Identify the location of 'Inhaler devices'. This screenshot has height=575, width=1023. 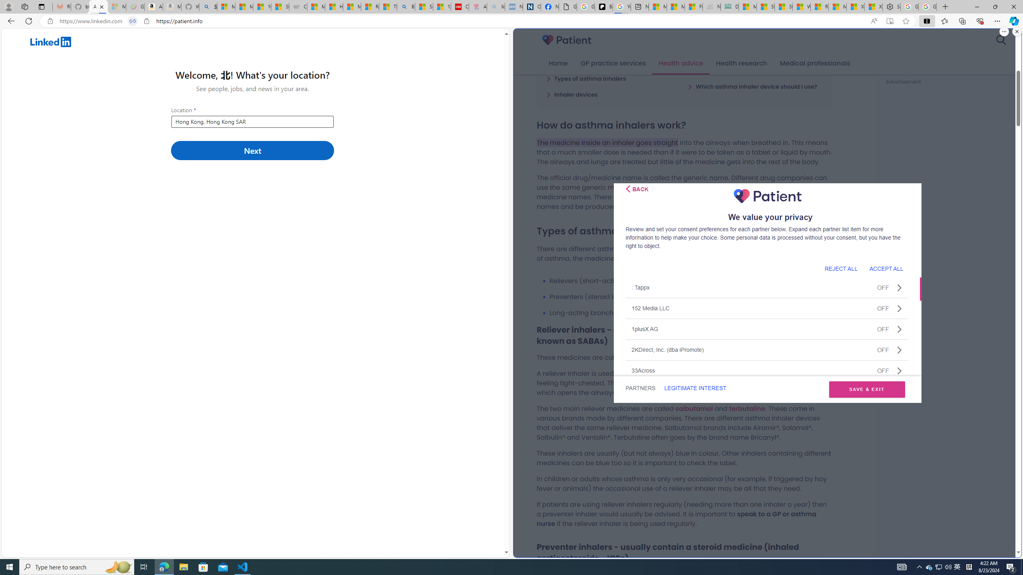
(571, 94).